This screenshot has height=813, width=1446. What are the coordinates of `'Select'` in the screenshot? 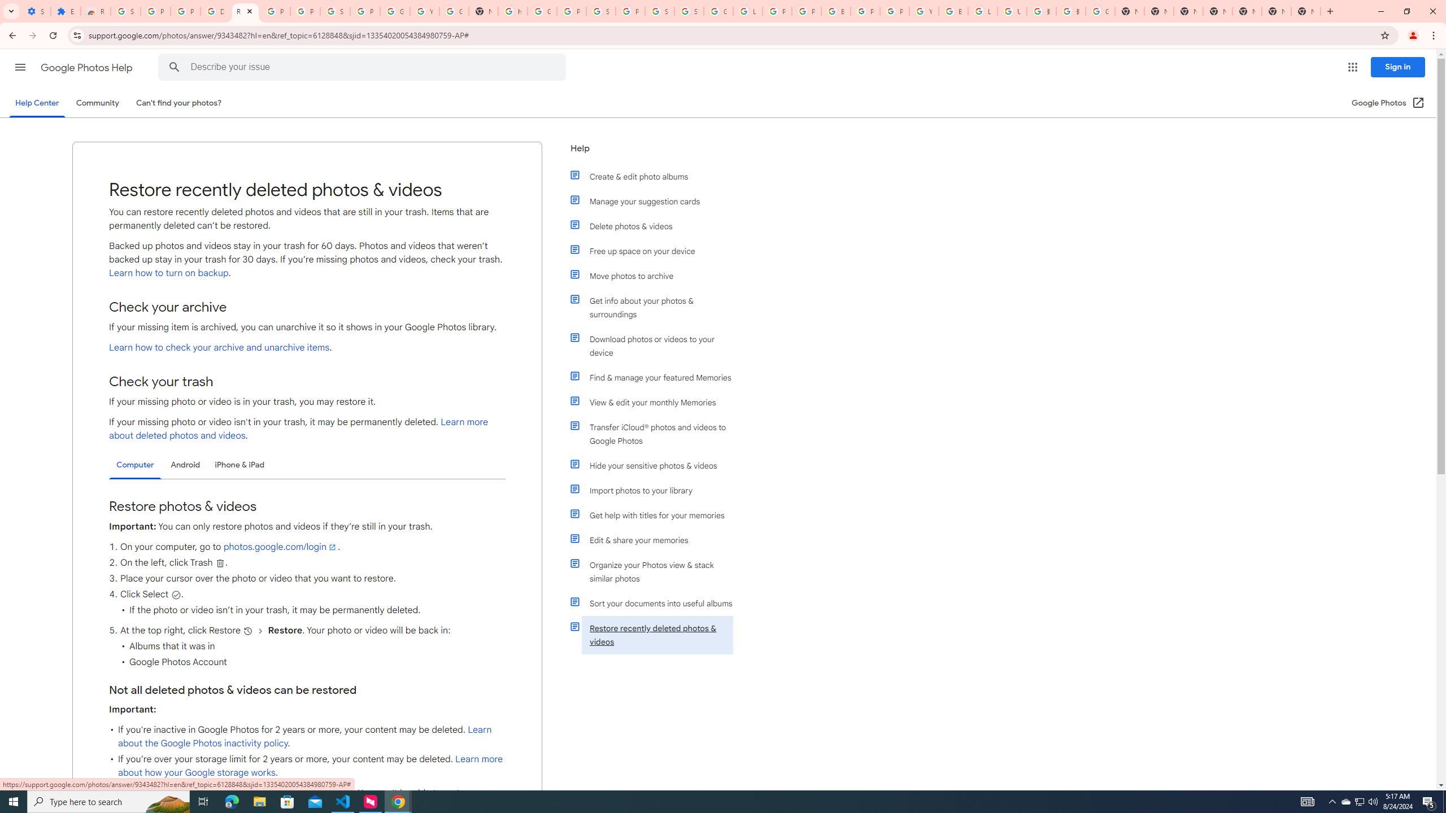 It's located at (175, 595).